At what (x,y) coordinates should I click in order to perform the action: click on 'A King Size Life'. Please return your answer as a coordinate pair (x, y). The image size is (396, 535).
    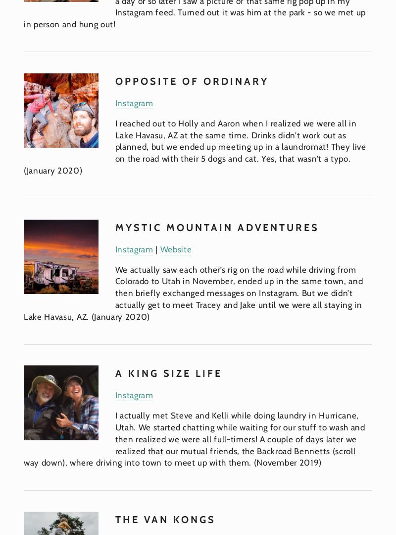
    Looking at the image, I should click on (168, 373).